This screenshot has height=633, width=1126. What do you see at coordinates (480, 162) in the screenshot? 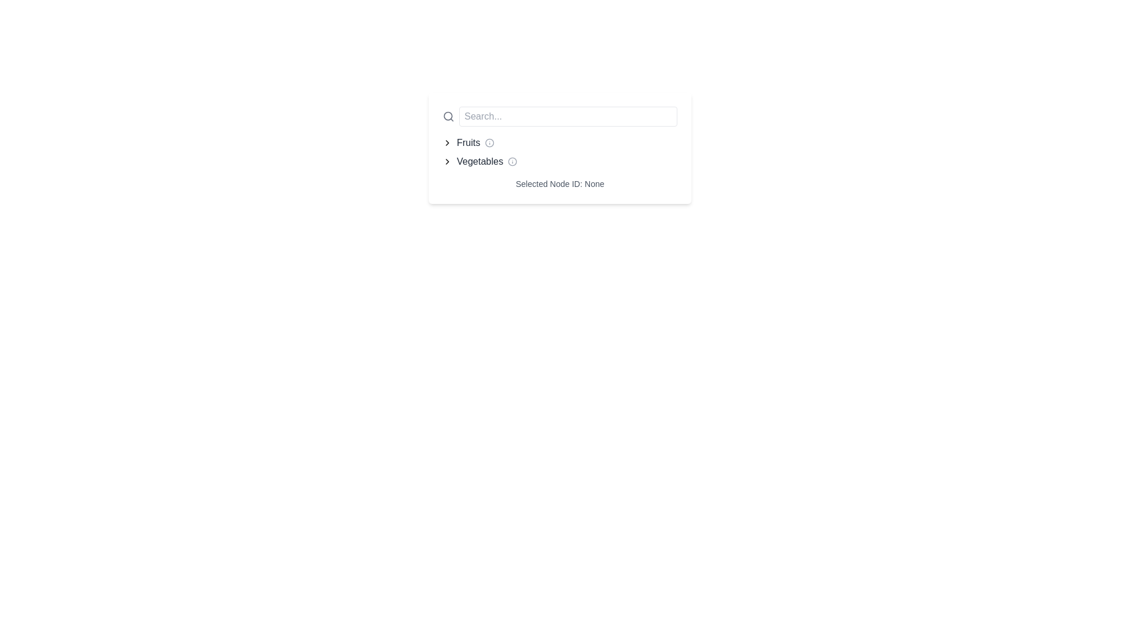
I see `the text label displaying 'Vegetables' which changes its font color to blue on hover` at bounding box center [480, 162].